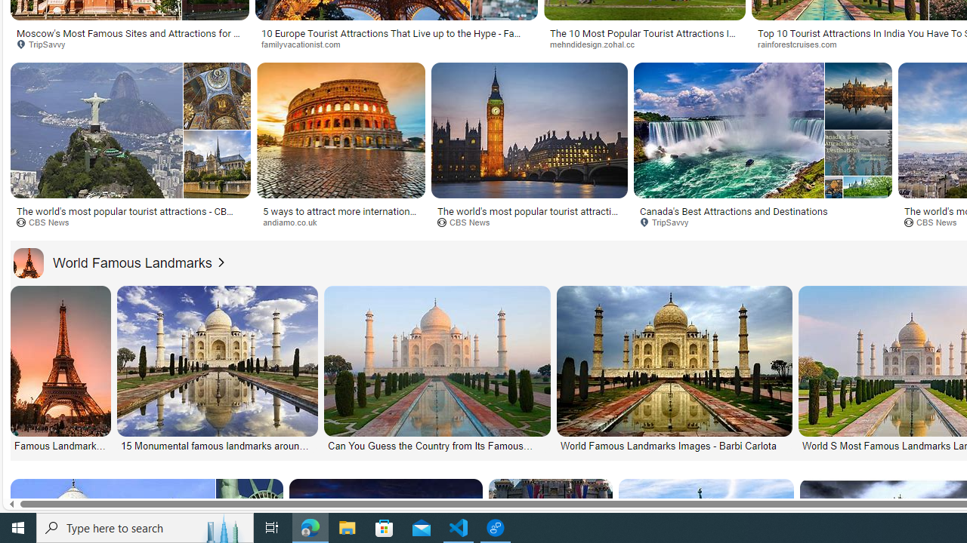 The height and width of the screenshot is (543, 967). I want to click on 'The 10 Most Popular Tourist Attractions In The World - ZOHAL', so click(644, 38).